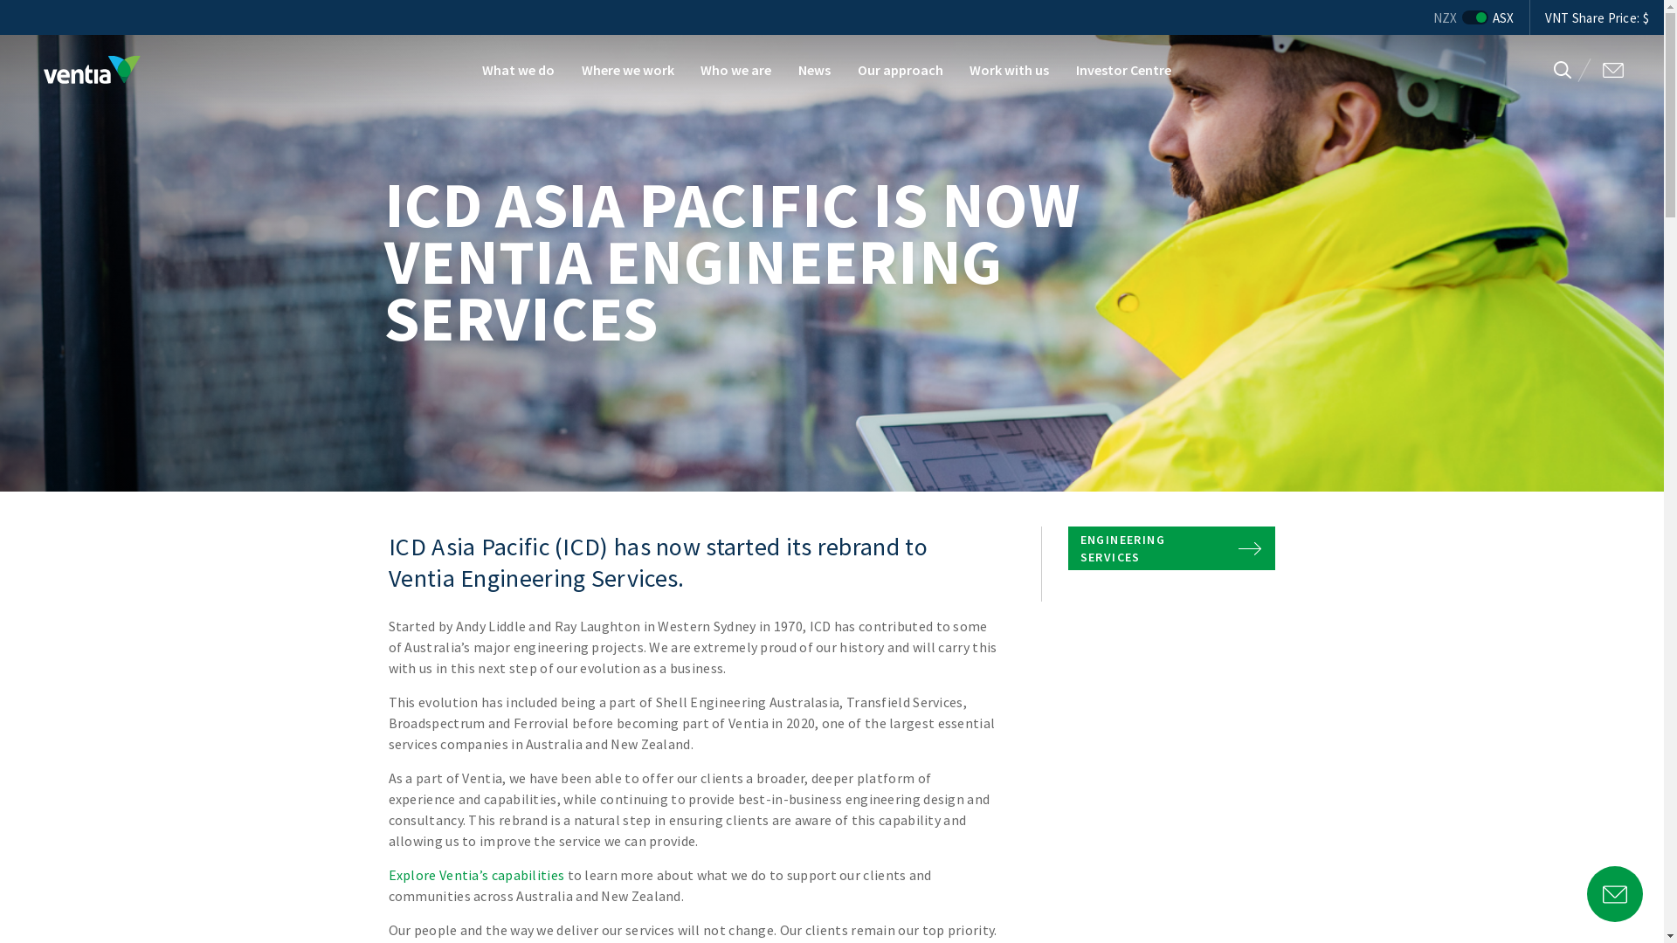 The image size is (1677, 943). I want to click on 'Ventia', so click(91, 69).